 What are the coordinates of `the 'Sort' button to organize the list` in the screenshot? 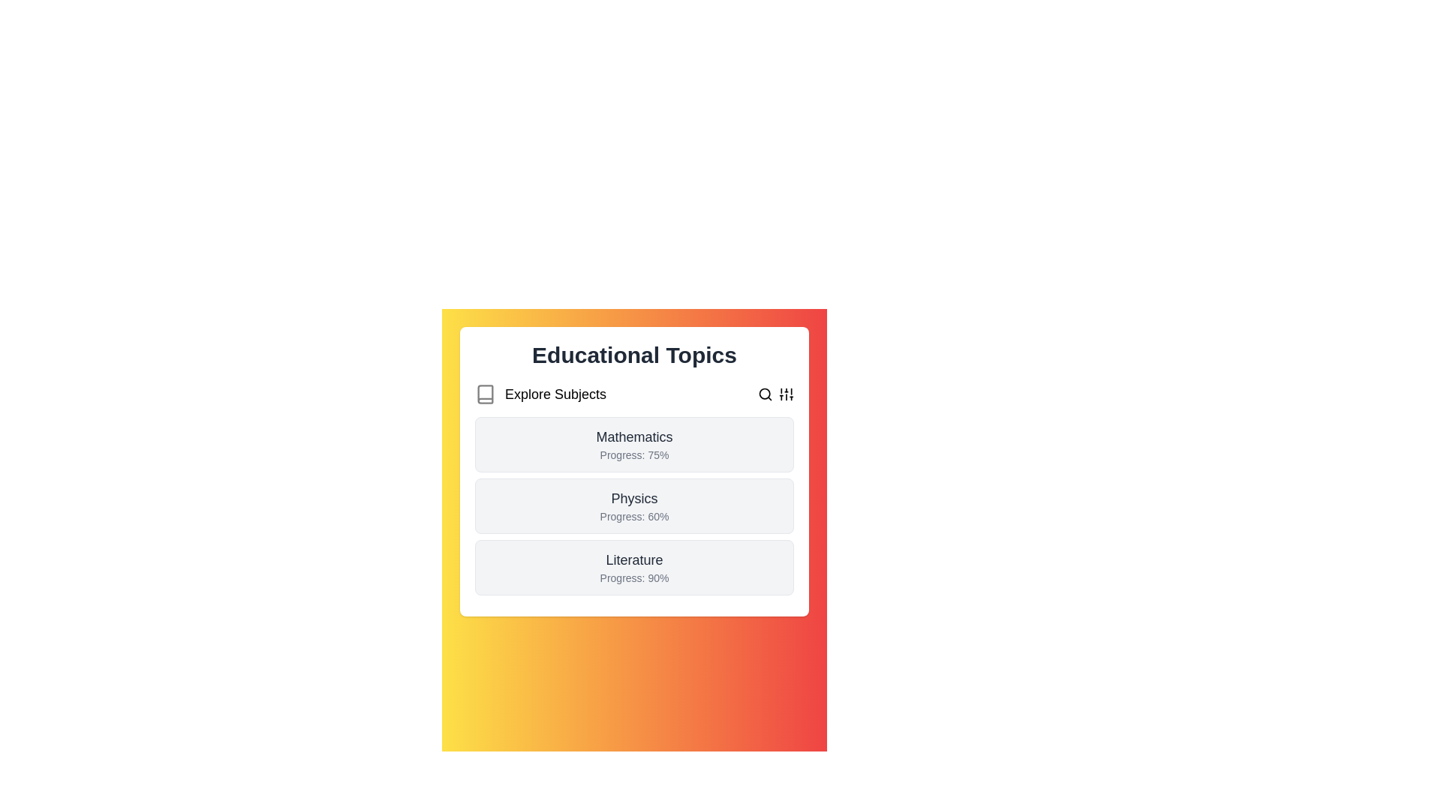 It's located at (785, 393).